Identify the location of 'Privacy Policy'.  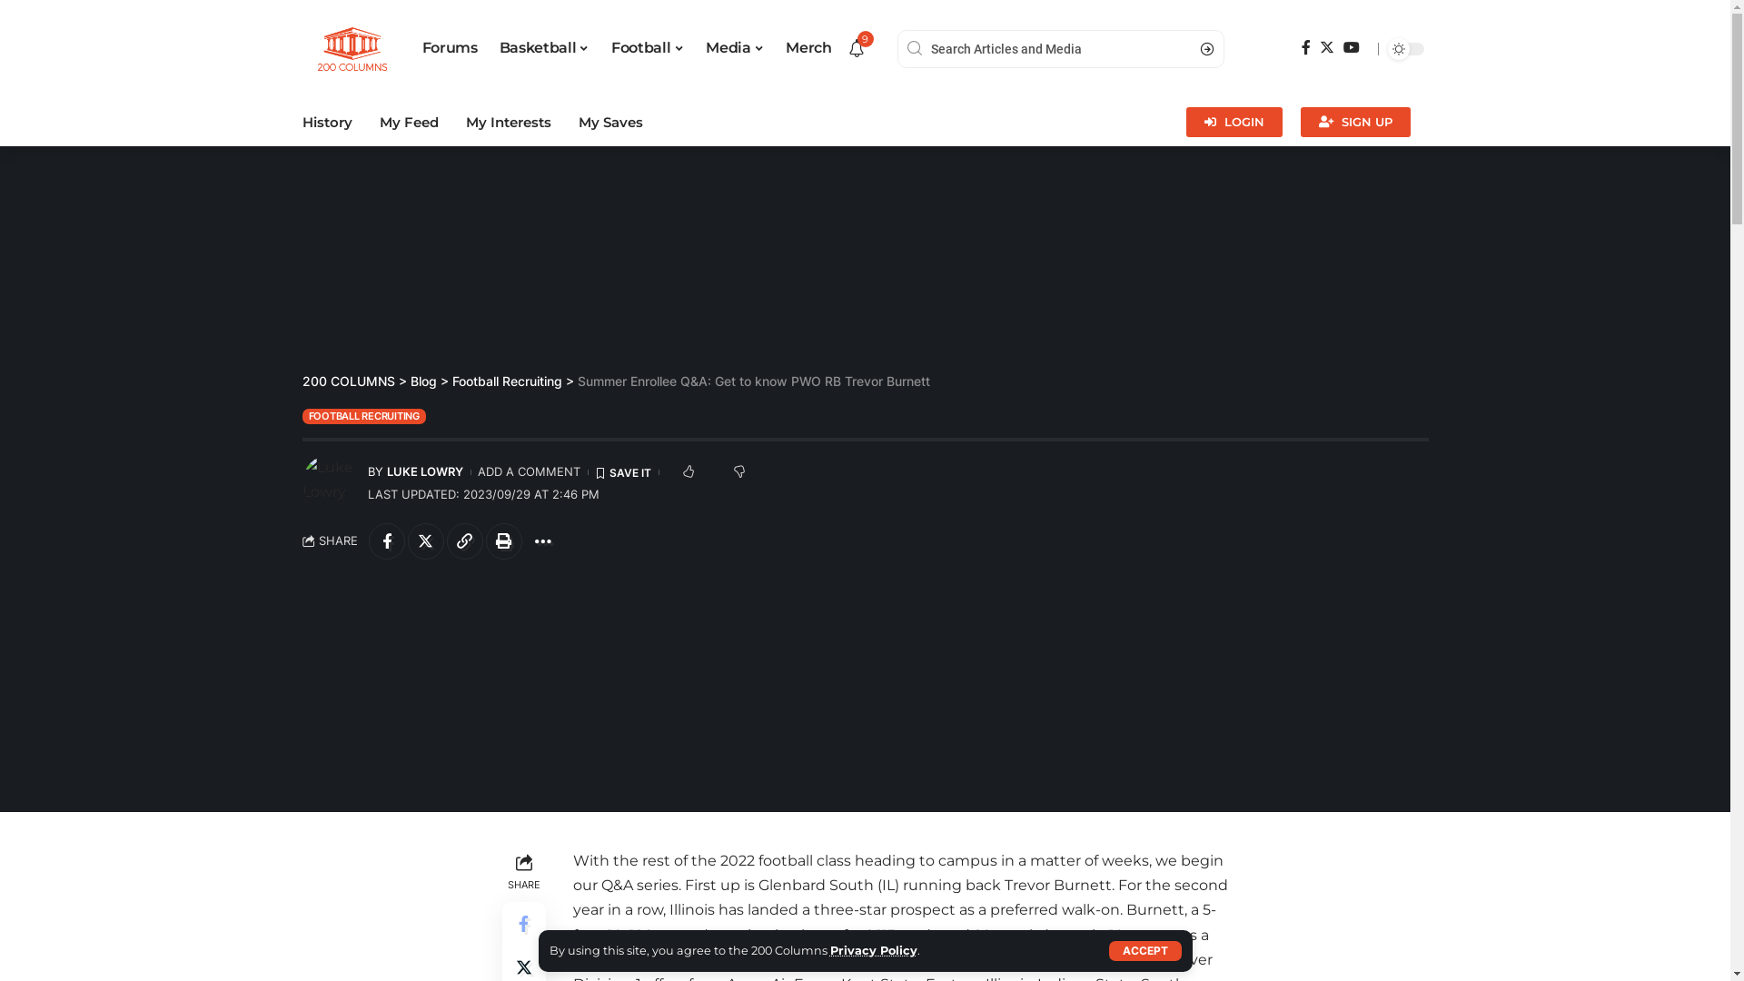
(873, 949).